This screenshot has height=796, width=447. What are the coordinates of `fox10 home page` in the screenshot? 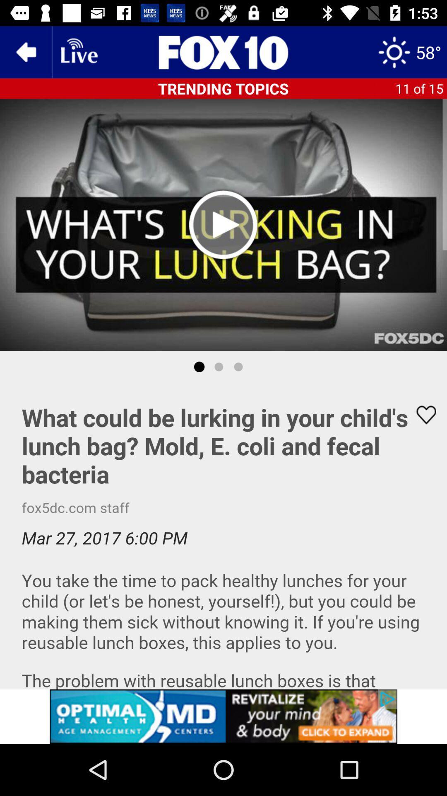 It's located at (223, 51).